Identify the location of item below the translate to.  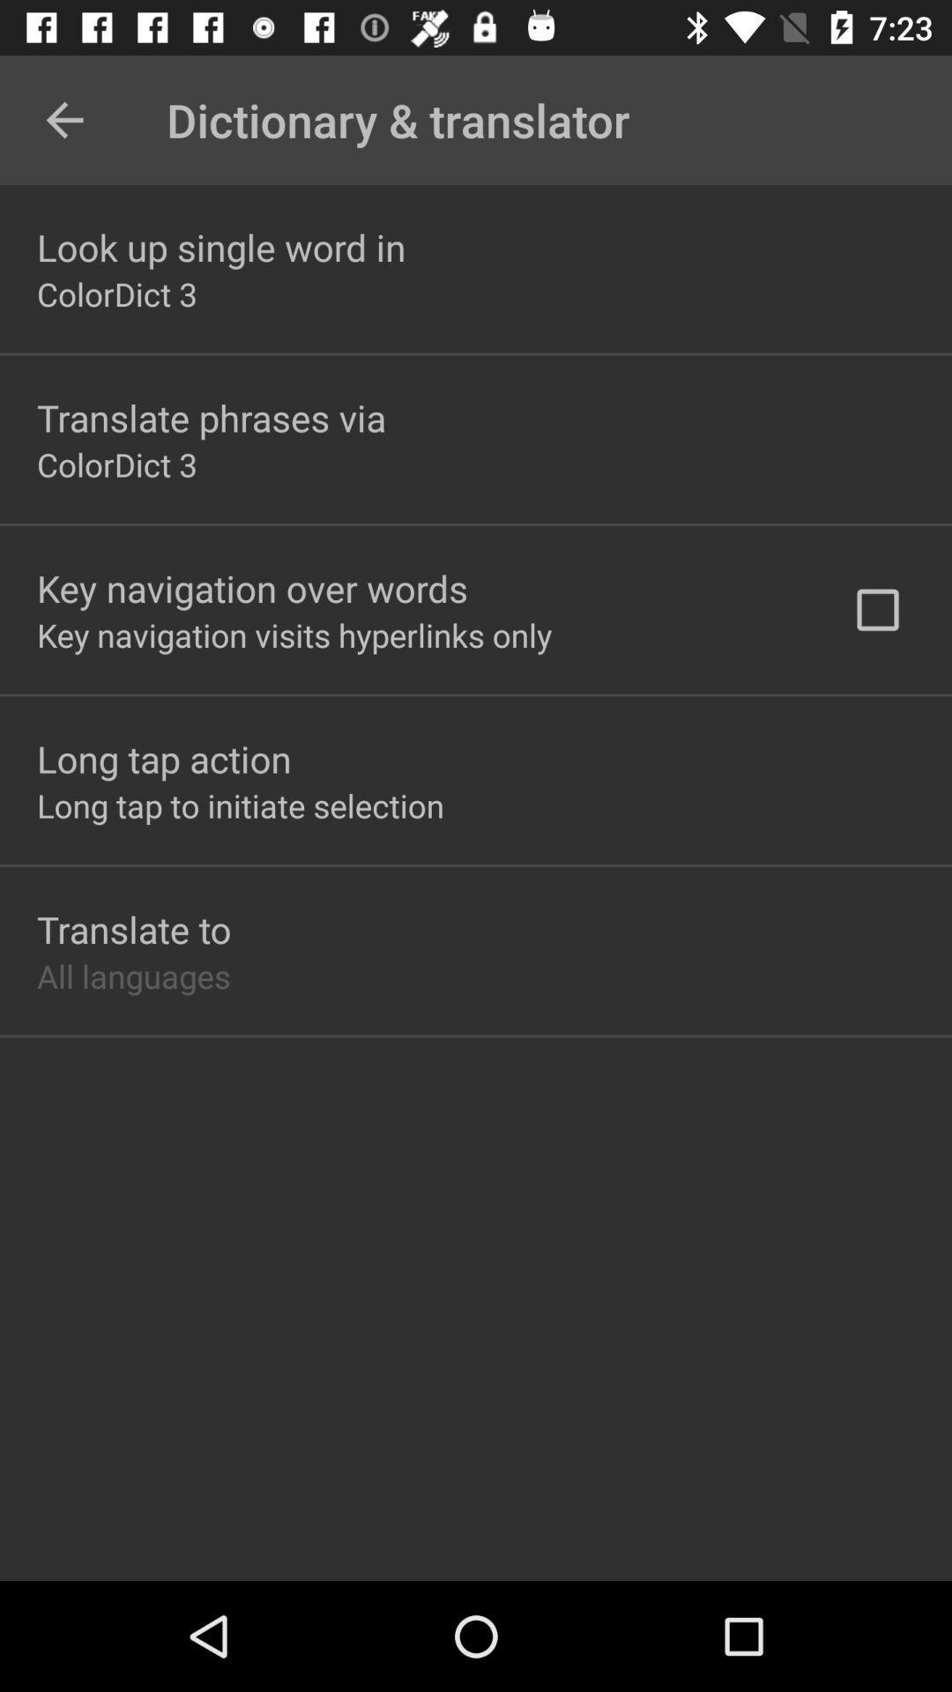
(132, 975).